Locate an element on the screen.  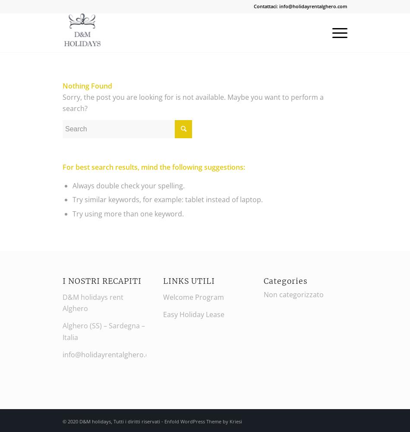
'Sorry, the post you are looking for is not available. Maybe you want to perform a search?' is located at coordinates (192, 102).